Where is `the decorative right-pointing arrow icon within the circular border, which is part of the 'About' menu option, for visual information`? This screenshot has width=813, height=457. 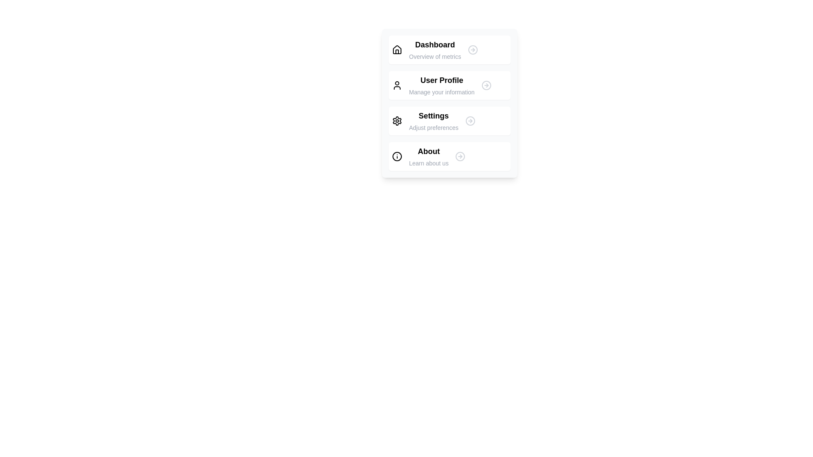 the decorative right-pointing arrow icon within the circular border, which is part of the 'About' menu option, for visual information is located at coordinates (460, 157).